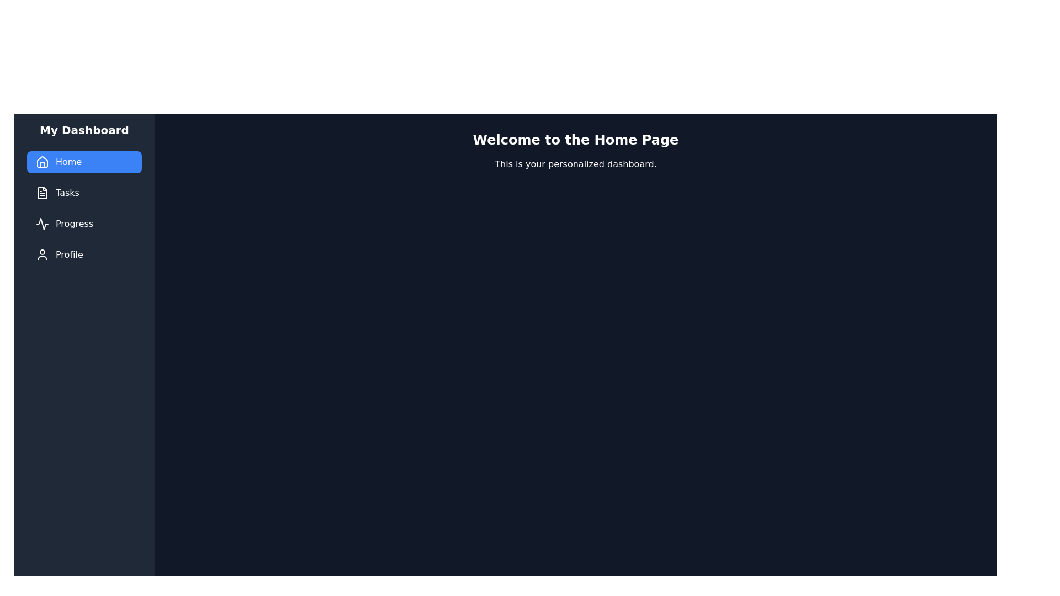  What do you see at coordinates (84, 255) in the screenshot?
I see `the 'Profile' button, which is a dark rectangular button with rounded corners located at the bottom of the vertical menu on the left side of the interface` at bounding box center [84, 255].